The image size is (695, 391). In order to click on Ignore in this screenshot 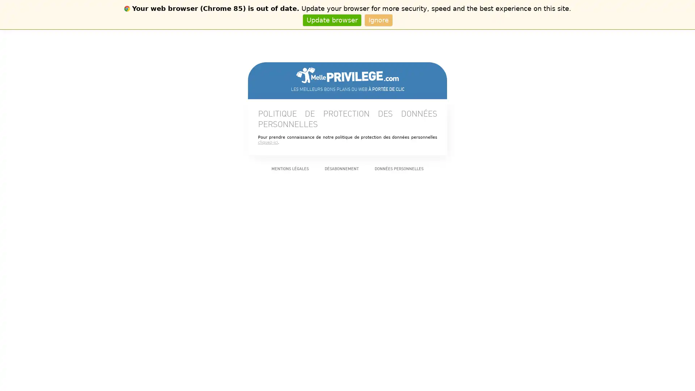, I will do `click(378, 20)`.